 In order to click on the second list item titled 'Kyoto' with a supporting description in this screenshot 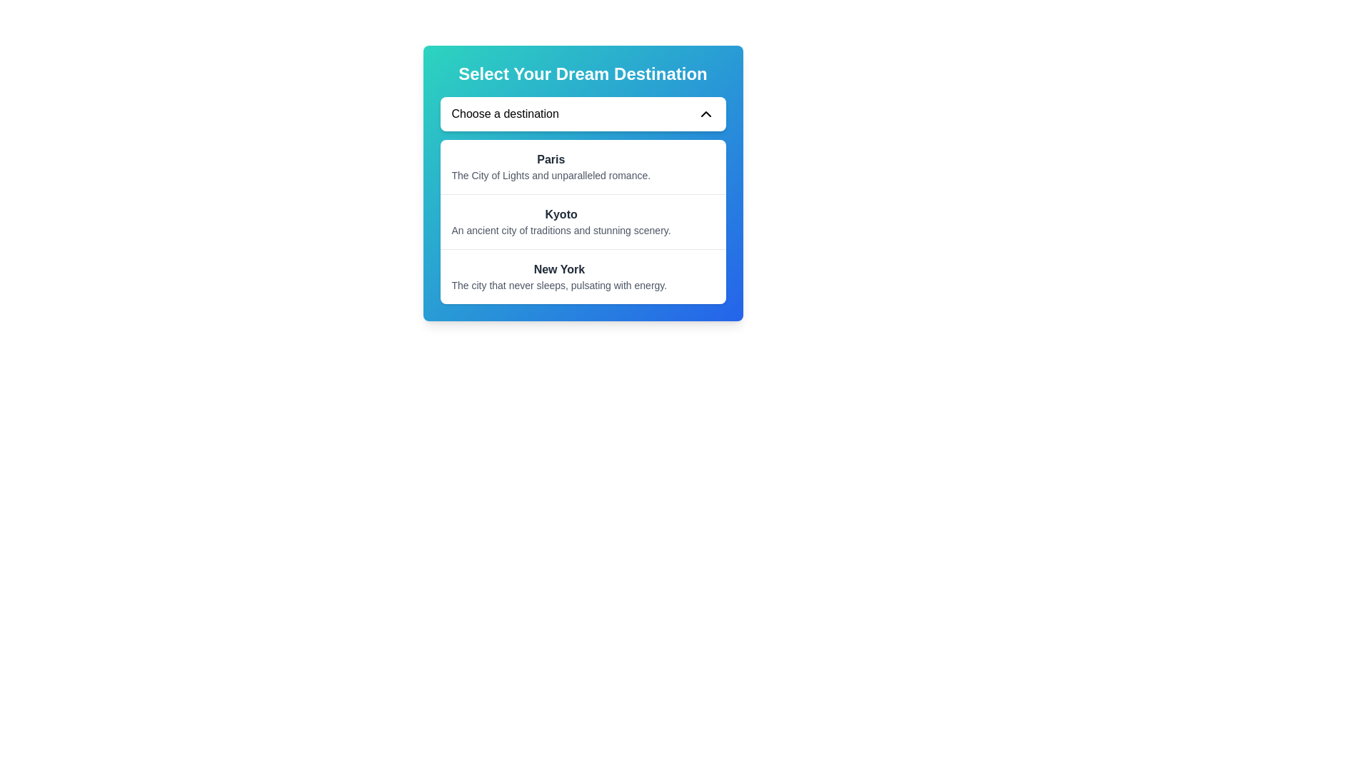, I will do `click(583, 221)`.